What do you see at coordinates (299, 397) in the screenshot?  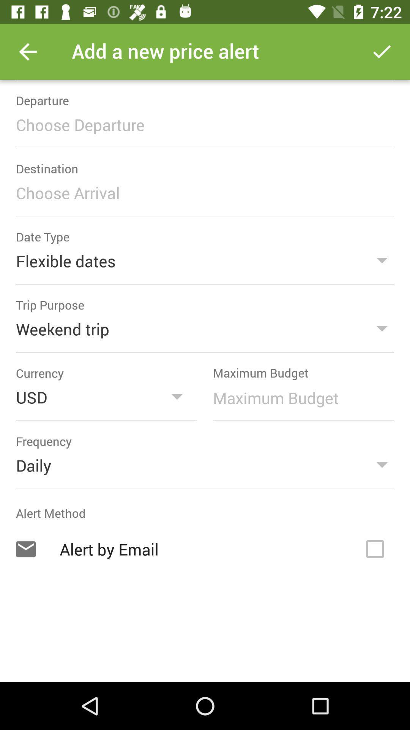 I see `maximum budget amount` at bounding box center [299, 397].